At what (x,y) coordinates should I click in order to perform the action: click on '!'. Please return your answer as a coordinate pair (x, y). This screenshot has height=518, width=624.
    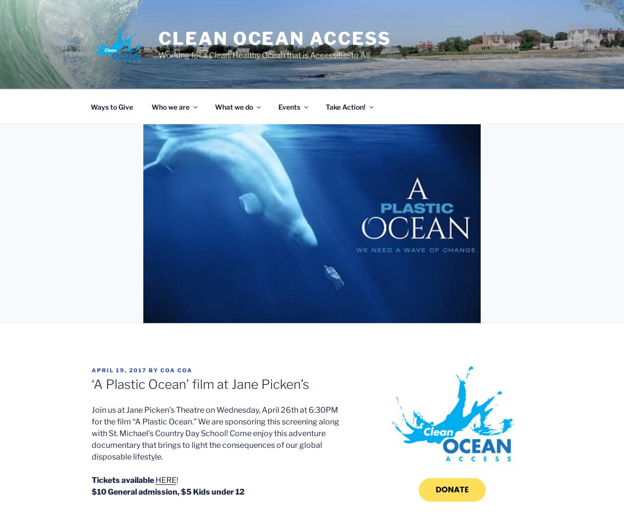
    Looking at the image, I should click on (177, 480).